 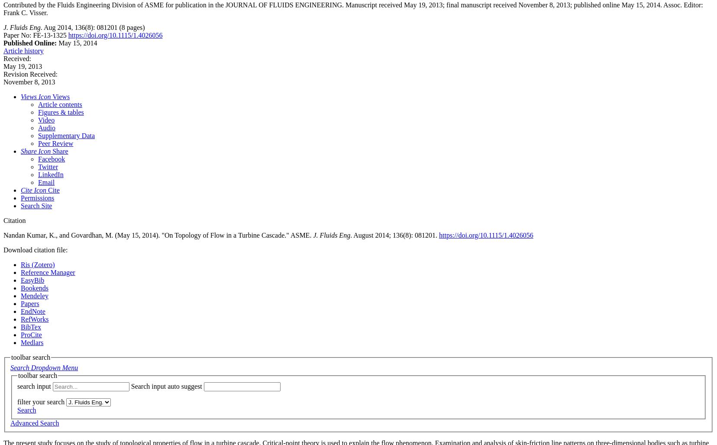 I want to click on 'Bookends', so click(x=34, y=288).